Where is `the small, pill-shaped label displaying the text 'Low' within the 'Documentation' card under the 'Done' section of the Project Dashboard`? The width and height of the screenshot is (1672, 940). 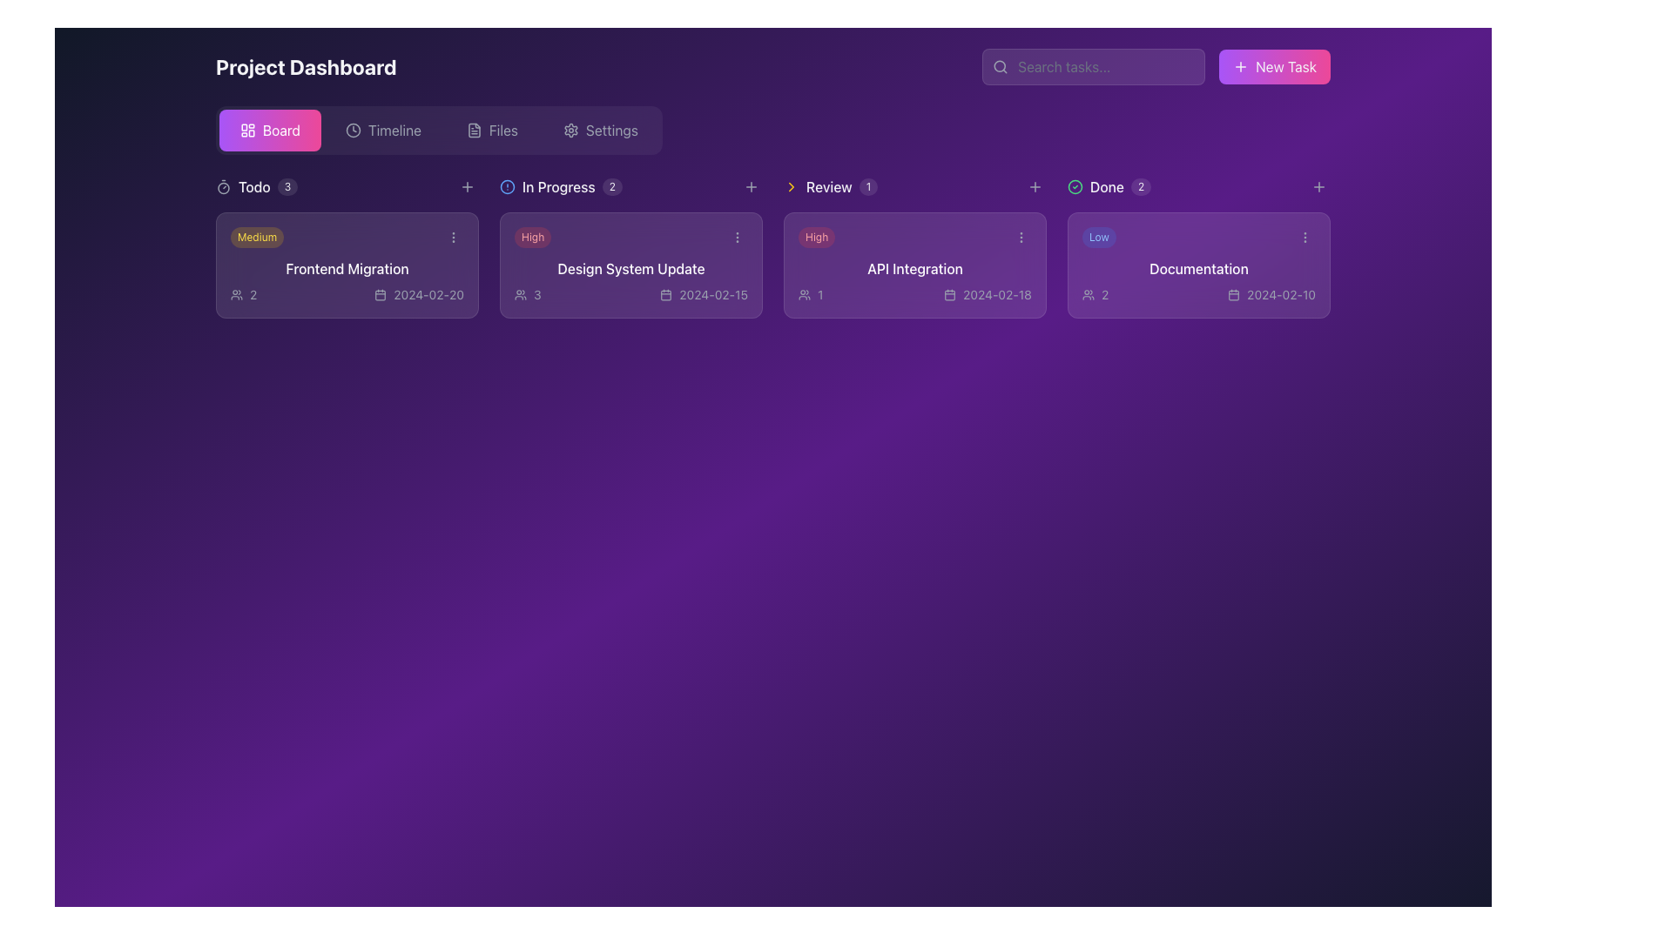
the small, pill-shaped label displaying the text 'Low' within the 'Documentation' card under the 'Done' section of the Project Dashboard is located at coordinates (1098, 238).